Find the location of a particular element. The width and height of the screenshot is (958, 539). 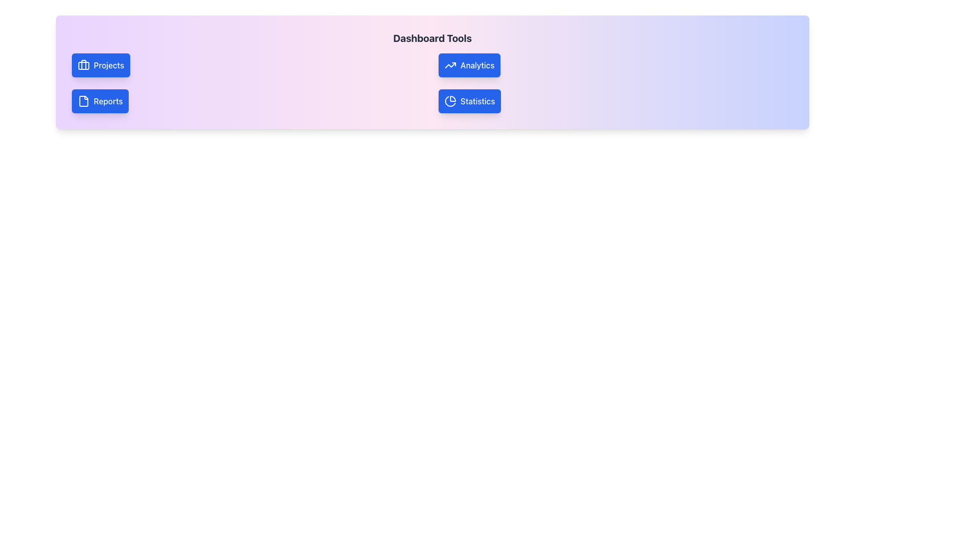

the small blue file icon with a white outline located under the 'Reports' navigation group is located at coordinates (84, 101).